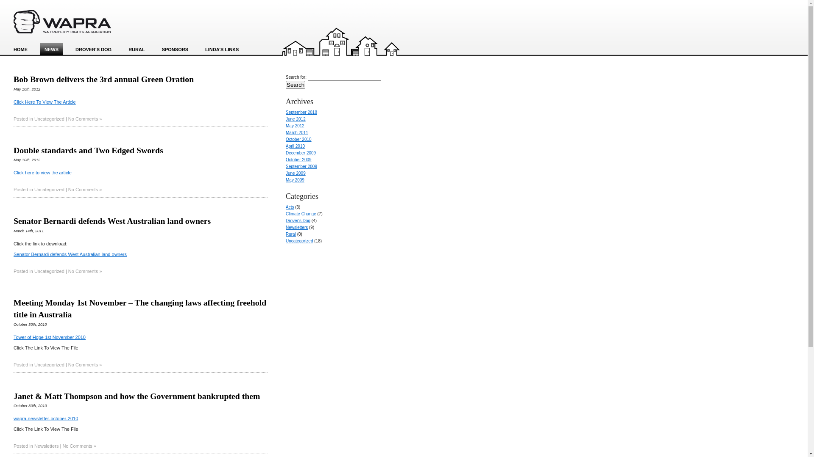 This screenshot has height=457, width=814. Describe the element at coordinates (290, 207) in the screenshot. I see `'Acts'` at that location.